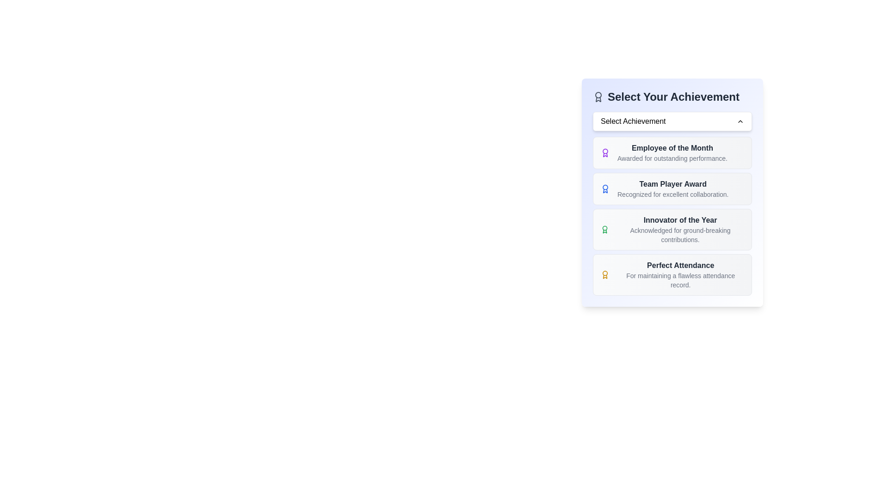  I want to click on the 'Perfect Attendance' achievement option in the achievement selection menu, so click(680, 274).